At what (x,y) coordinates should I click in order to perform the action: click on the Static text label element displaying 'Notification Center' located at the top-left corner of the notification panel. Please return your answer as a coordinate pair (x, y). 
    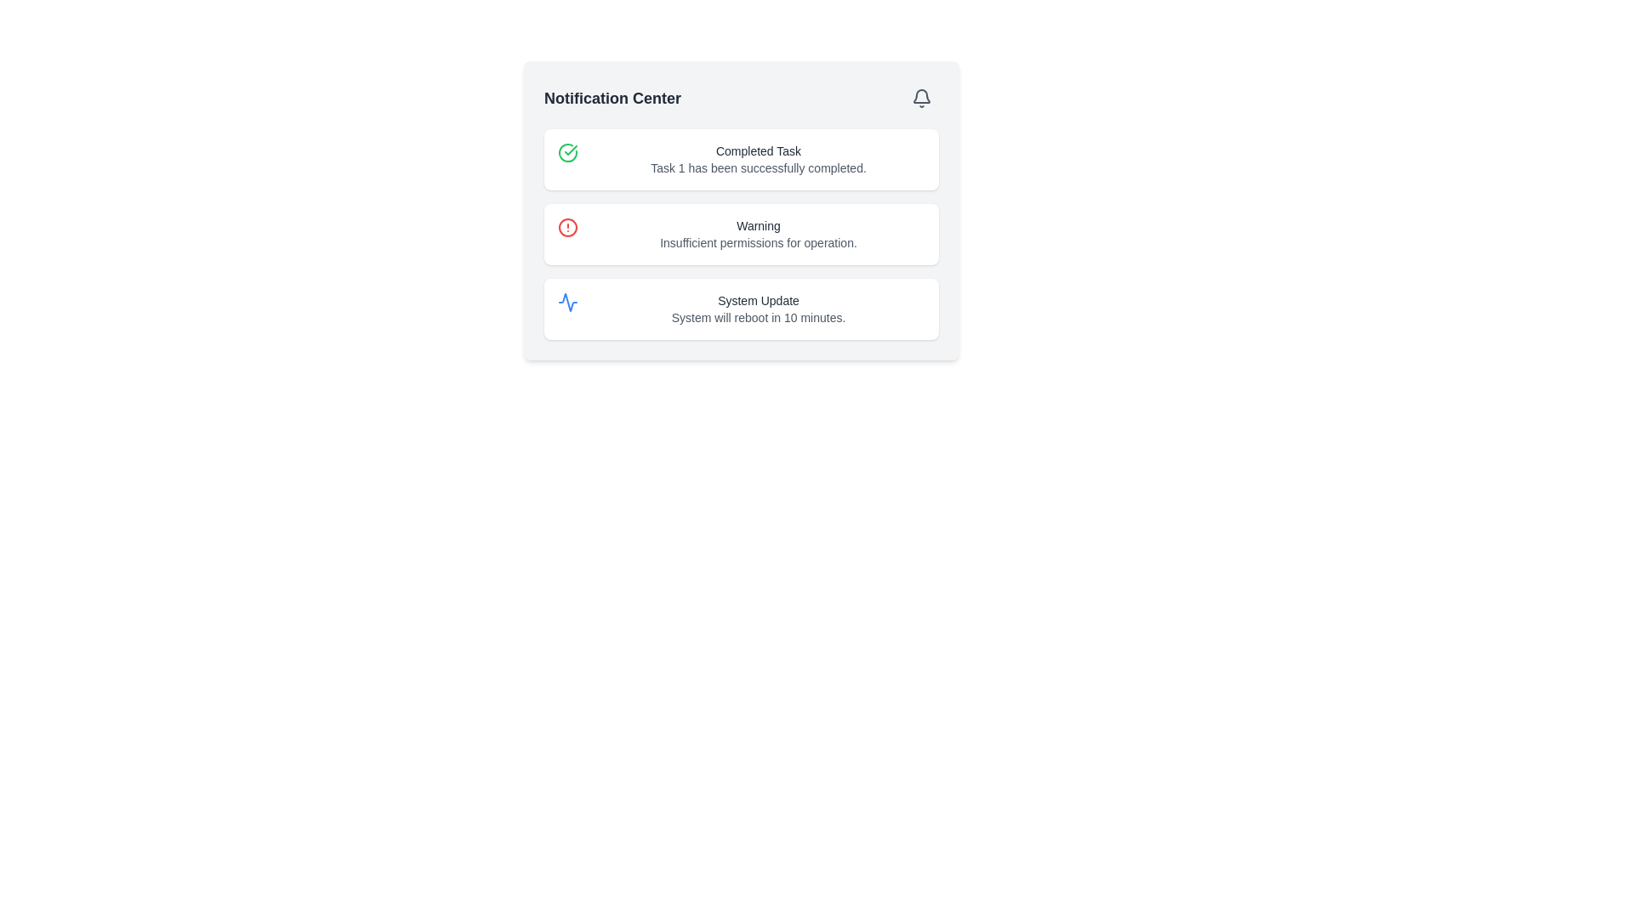
    Looking at the image, I should click on (612, 98).